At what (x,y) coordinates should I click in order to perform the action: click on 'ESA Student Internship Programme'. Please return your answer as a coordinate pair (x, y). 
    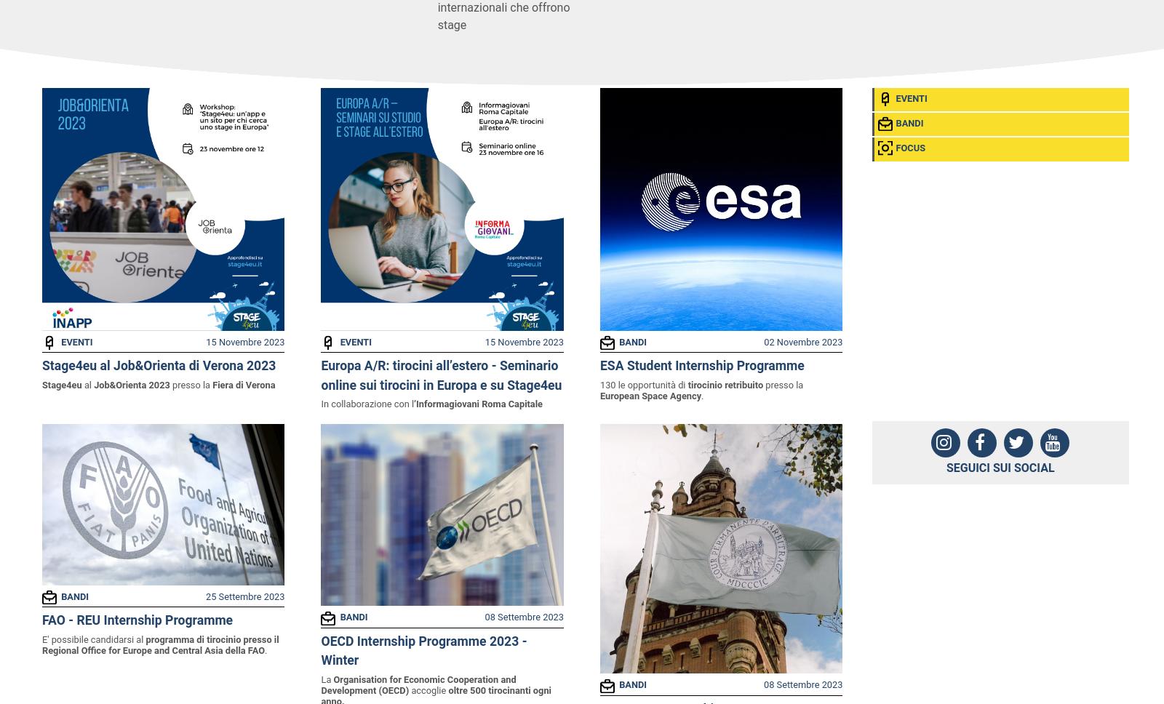
    Looking at the image, I should click on (701, 365).